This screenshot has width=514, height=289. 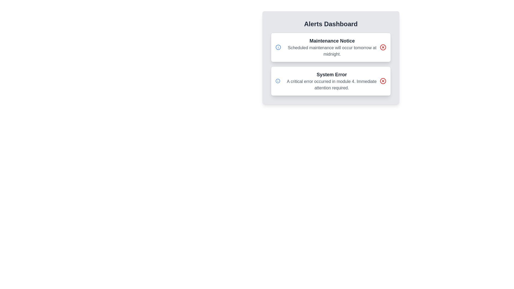 What do you see at coordinates (331, 74) in the screenshot?
I see `the title Text Label of the alert card located in the 'Alerts Dashboard' section, which provides a summary of the issue described below it` at bounding box center [331, 74].